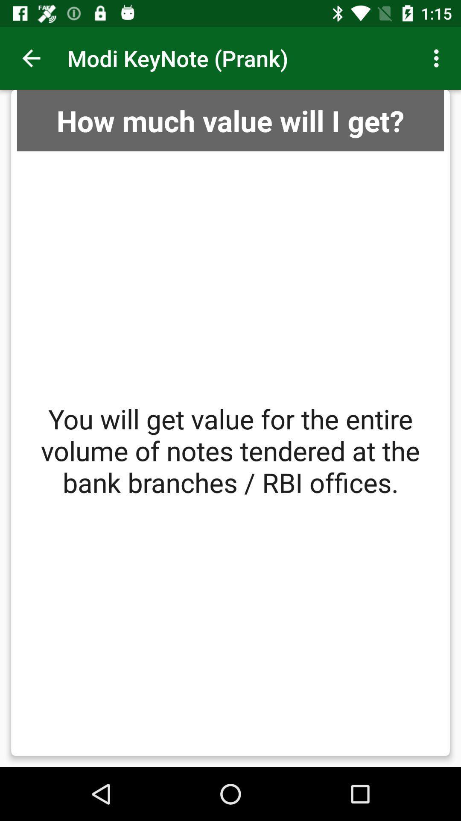  I want to click on item above how much value, so click(438, 58).